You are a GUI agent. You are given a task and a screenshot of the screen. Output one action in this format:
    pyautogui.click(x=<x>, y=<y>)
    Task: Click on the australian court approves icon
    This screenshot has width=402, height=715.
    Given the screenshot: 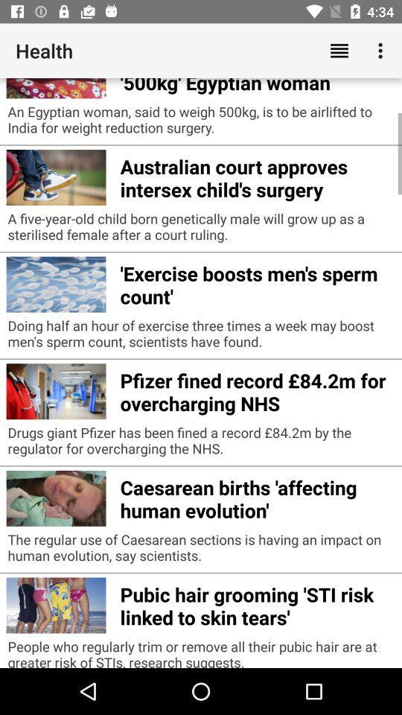 What is the action you would take?
    pyautogui.click(x=256, y=176)
    